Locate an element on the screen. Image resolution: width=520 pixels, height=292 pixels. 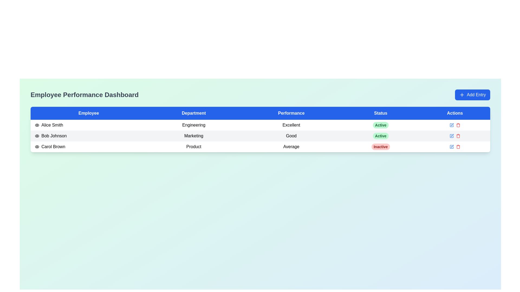
the small red-colored trash icon in the 'Actions' column of the last row in the table, which represents a delete action is located at coordinates (458, 147).